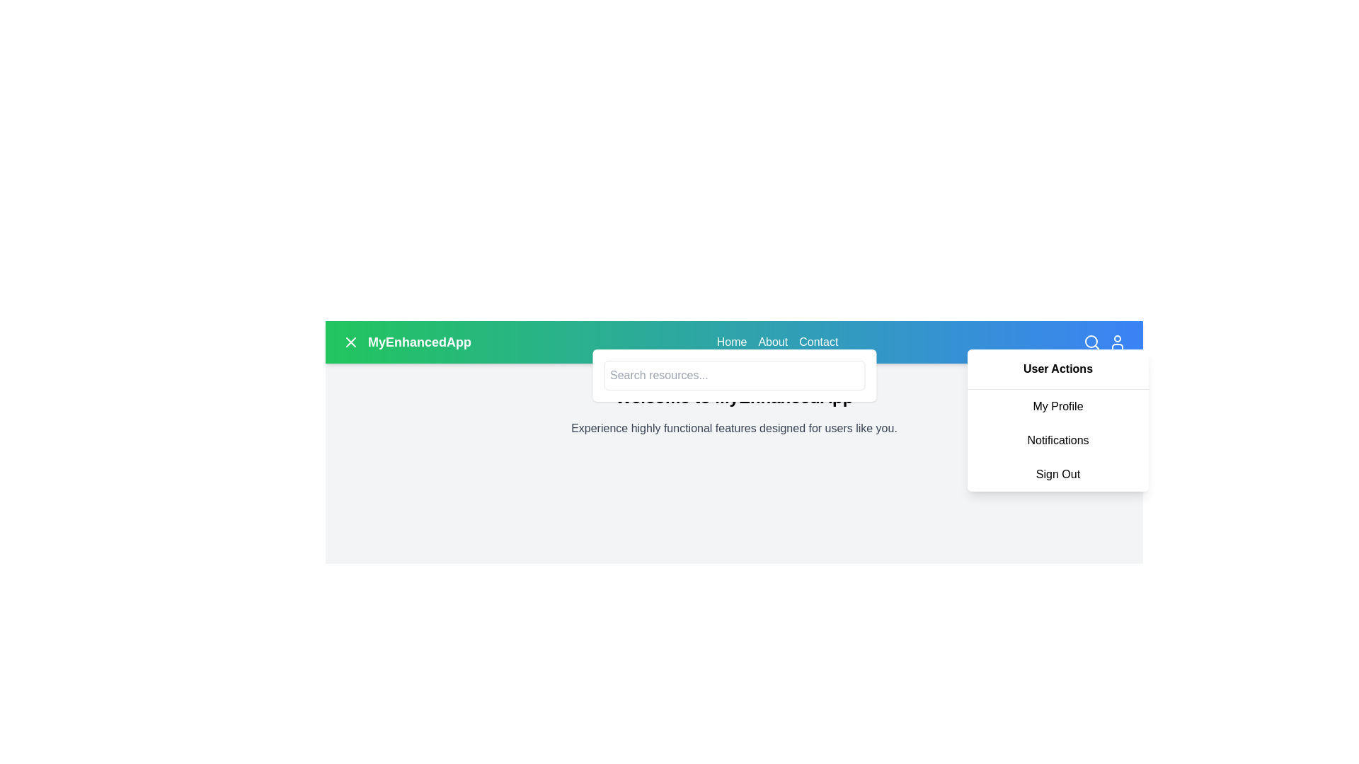  I want to click on the second item in the drop-down menu under 'User Actions', which likely redirects to the notification center, to change its background color, so click(1057, 440).